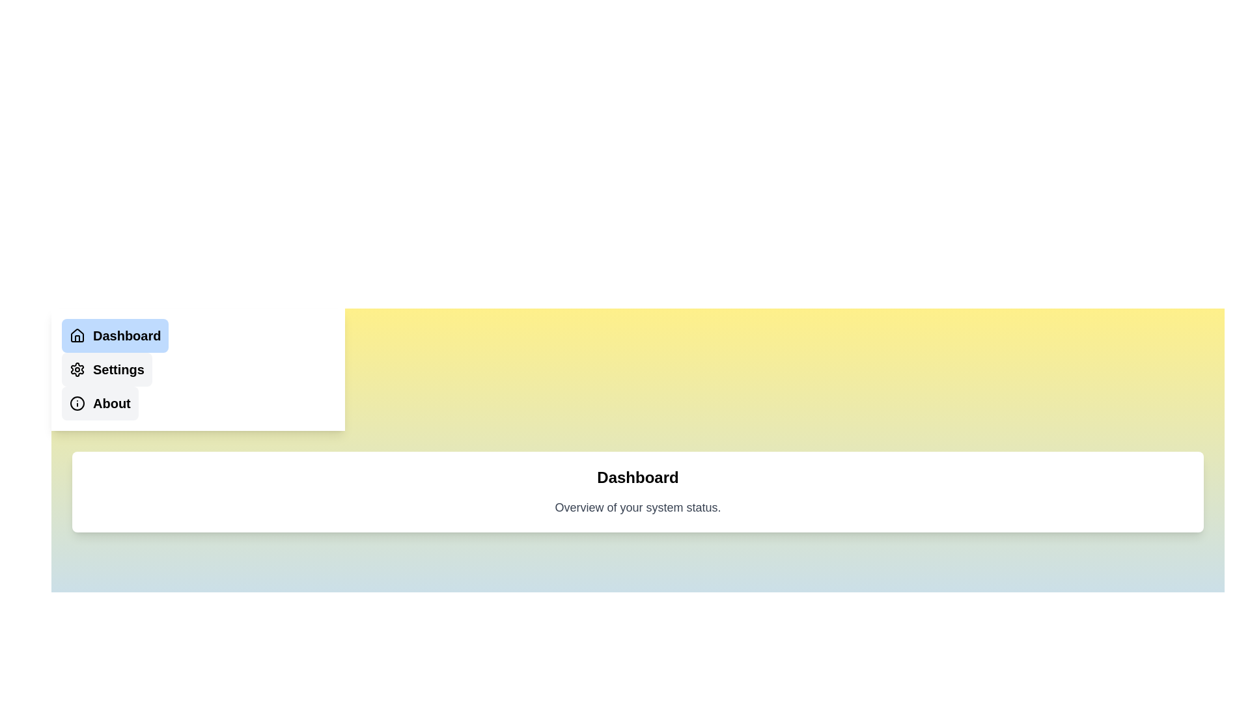 This screenshot has height=703, width=1250. I want to click on the text element labeled Overview of your system status. to inspect or copy its content, so click(637, 506).